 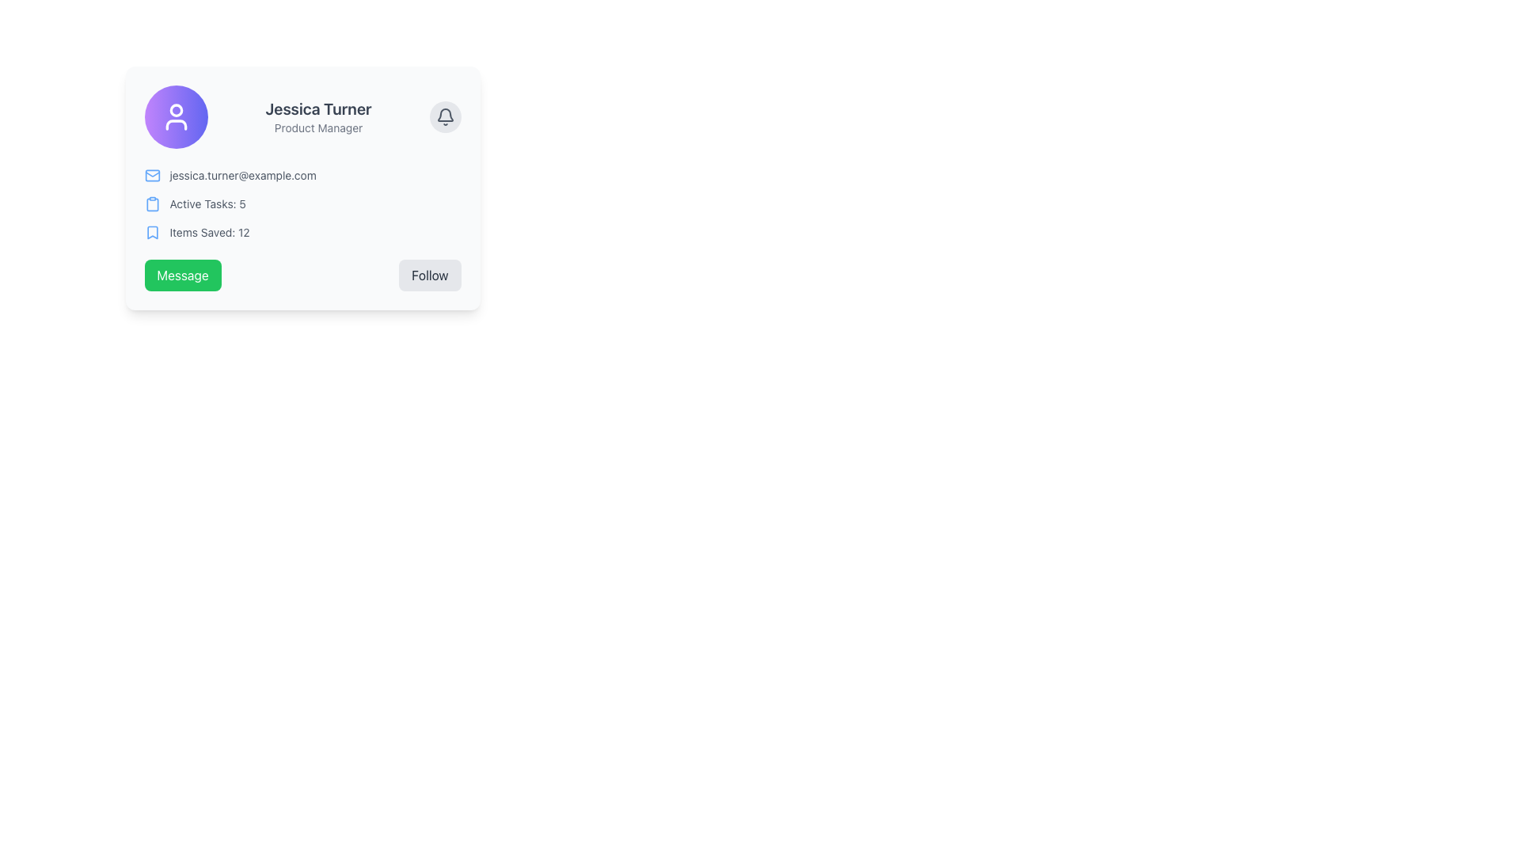 What do you see at coordinates (430, 274) in the screenshot?
I see `the 'Follow' button located in the bottom-right corner of the user information card, which is the second button in a horizontal row next to the 'Message' button` at bounding box center [430, 274].